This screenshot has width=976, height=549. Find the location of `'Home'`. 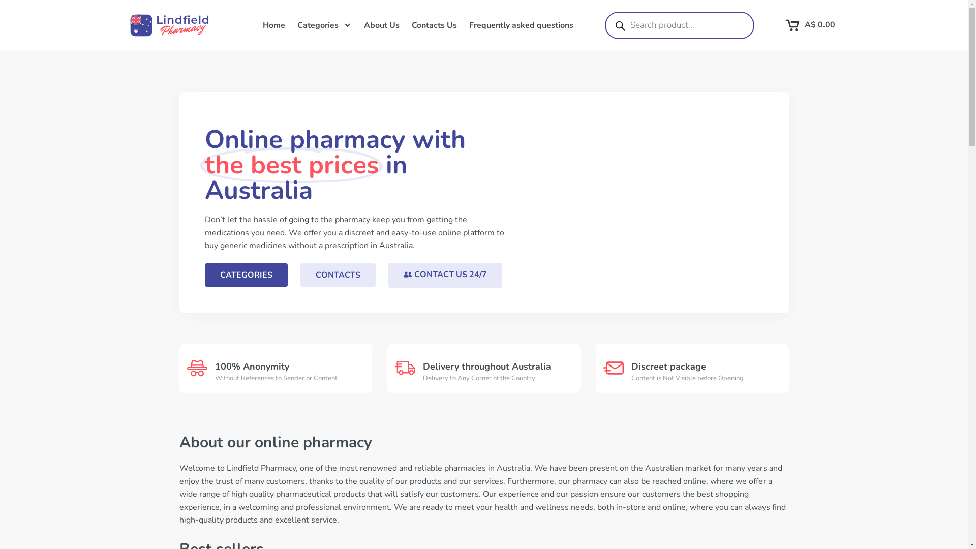

'Home' is located at coordinates (273, 25).